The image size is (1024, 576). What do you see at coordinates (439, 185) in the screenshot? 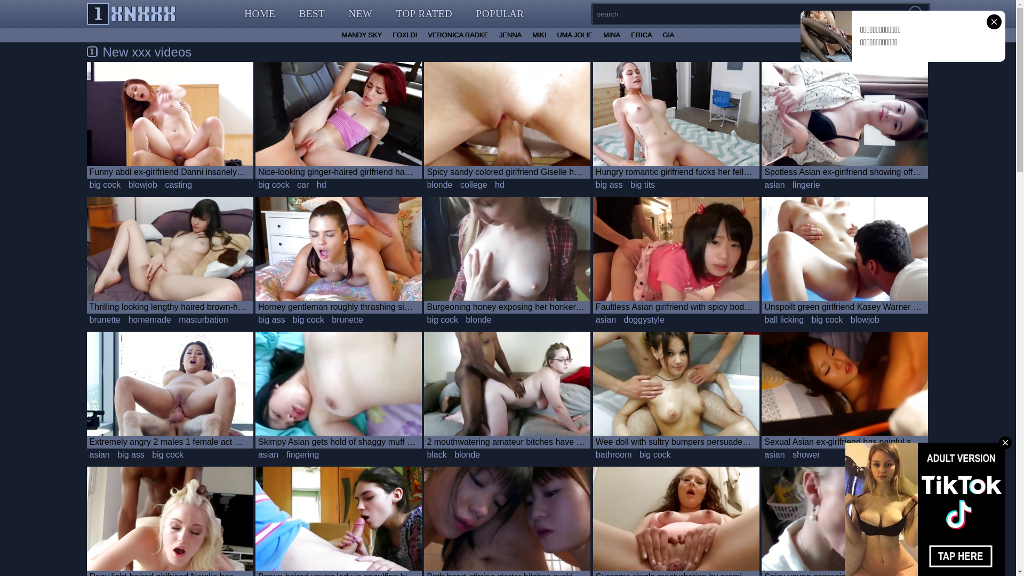
I see `'blonde'` at bounding box center [439, 185].